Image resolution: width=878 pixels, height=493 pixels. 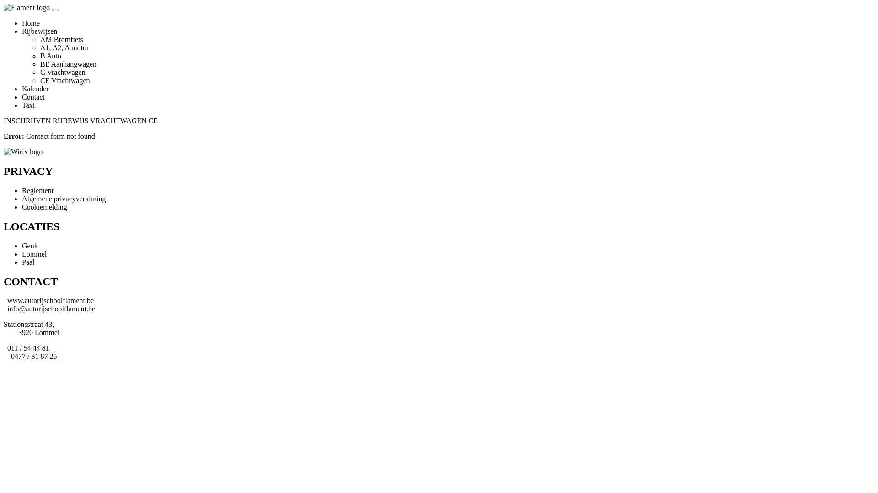 I want to click on 'A1, A2, A motor', so click(x=39, y=47).